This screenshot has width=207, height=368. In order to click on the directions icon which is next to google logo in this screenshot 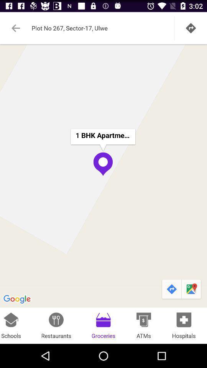, I will do `click(171, 289)`.